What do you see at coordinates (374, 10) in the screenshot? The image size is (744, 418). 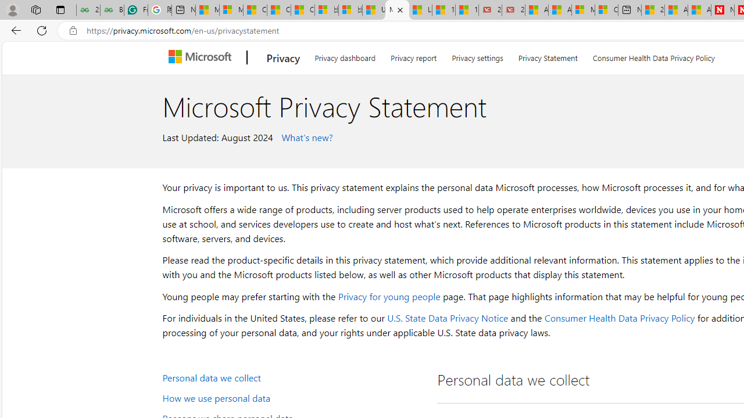 I see `'USA TODAY - MSN'` at bounding box center [374, 10].